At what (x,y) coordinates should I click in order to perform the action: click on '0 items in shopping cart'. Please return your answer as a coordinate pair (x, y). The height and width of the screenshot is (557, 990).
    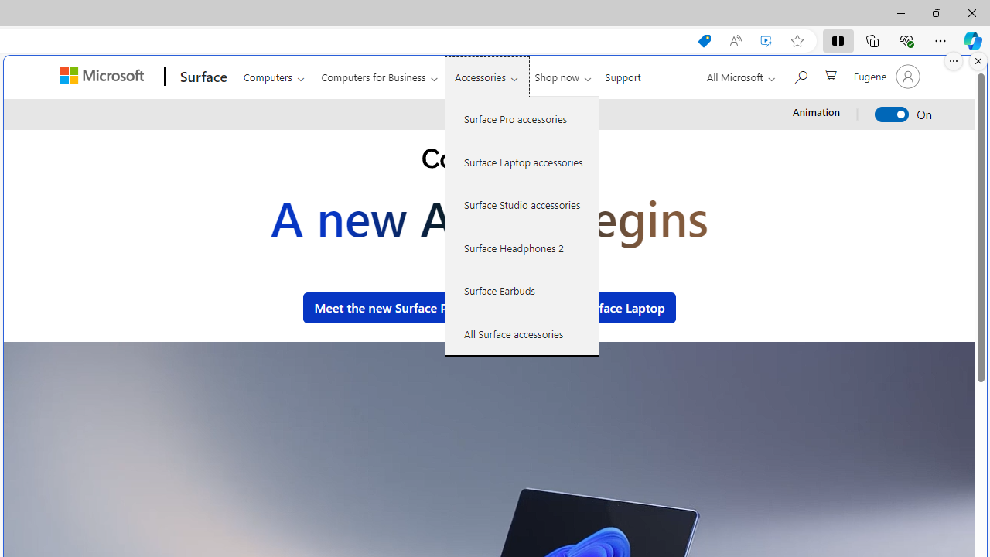
    Looking at the image, I should click on (829, 73).